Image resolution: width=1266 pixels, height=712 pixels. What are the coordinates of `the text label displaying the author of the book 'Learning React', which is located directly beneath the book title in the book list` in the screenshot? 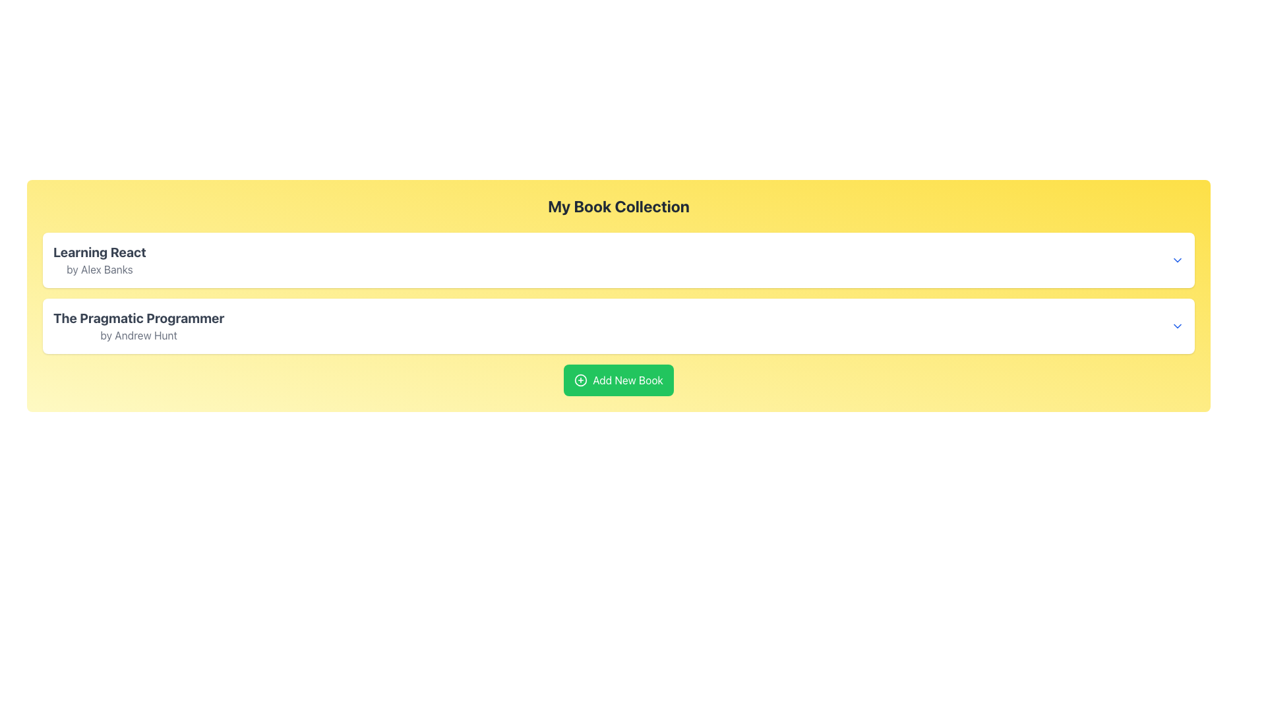 It's located at (99, 268).